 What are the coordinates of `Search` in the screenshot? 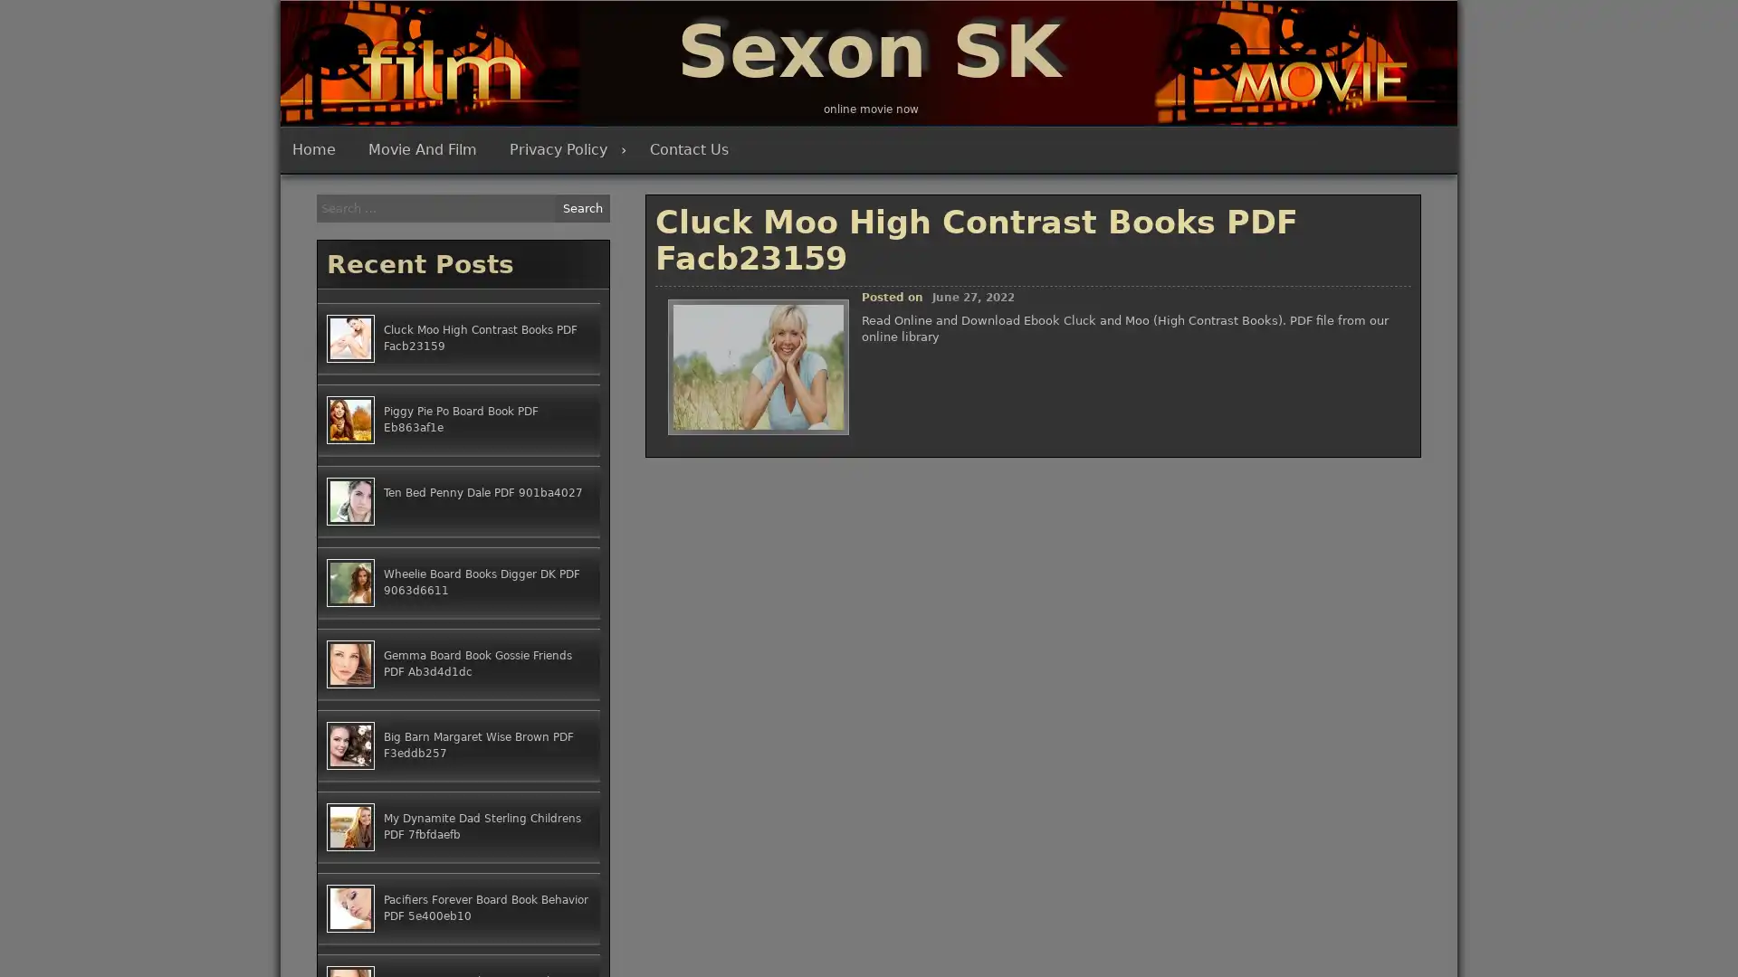 It's located at (582, 207).